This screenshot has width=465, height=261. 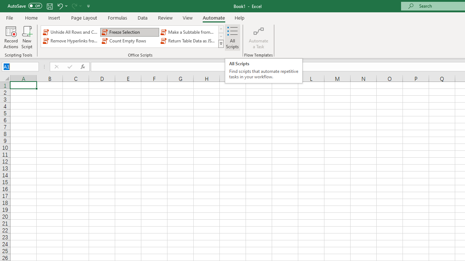 What do you see at coordinates (221, 36) in the screenshot?
I see `'Row Down'` at bounding box center [221, 36].